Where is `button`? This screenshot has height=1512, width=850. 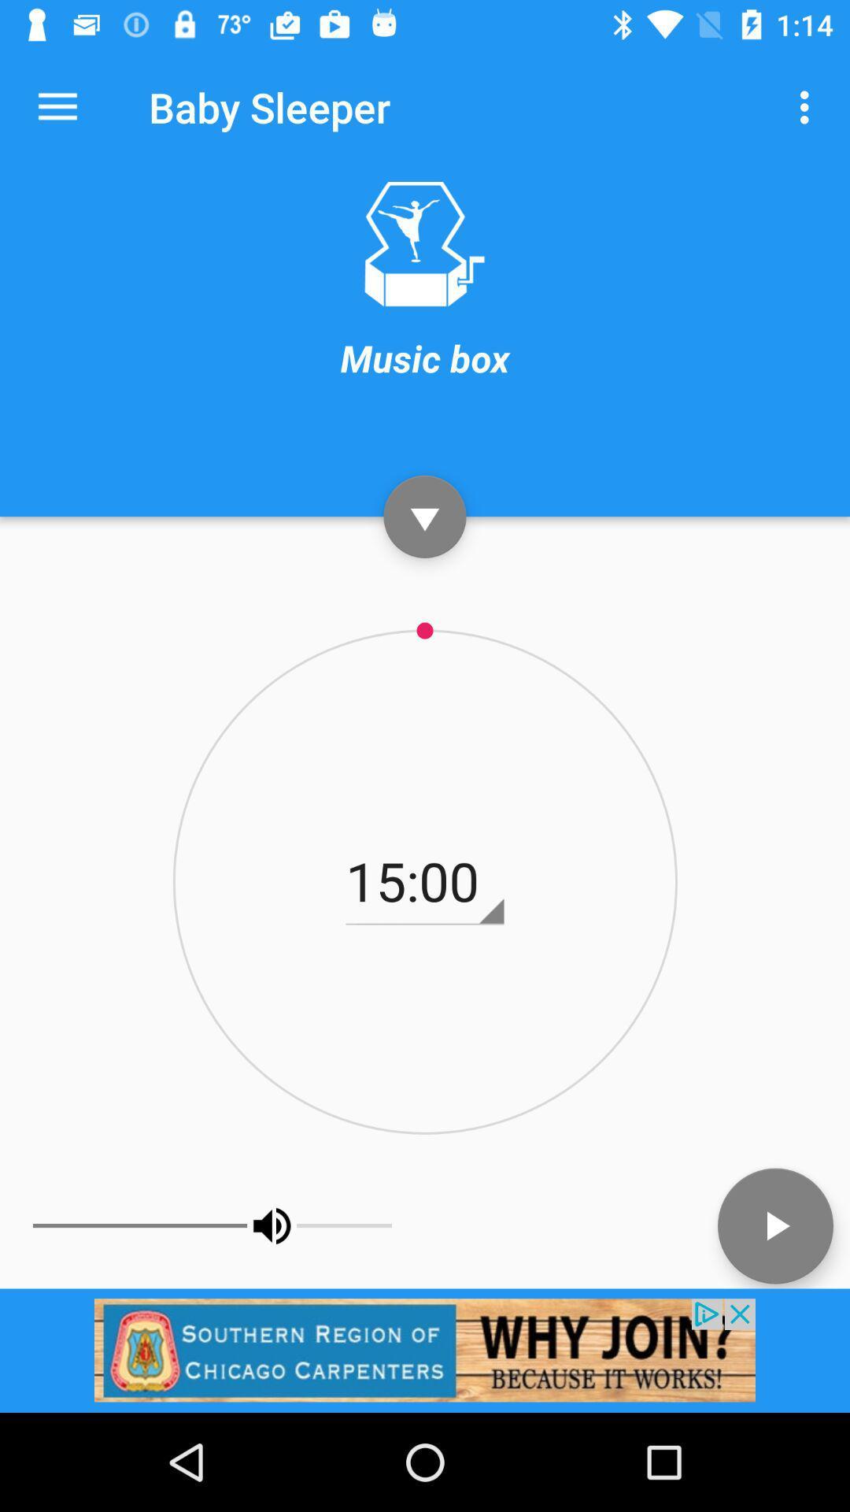 button is located at coordinates (774, 1225).